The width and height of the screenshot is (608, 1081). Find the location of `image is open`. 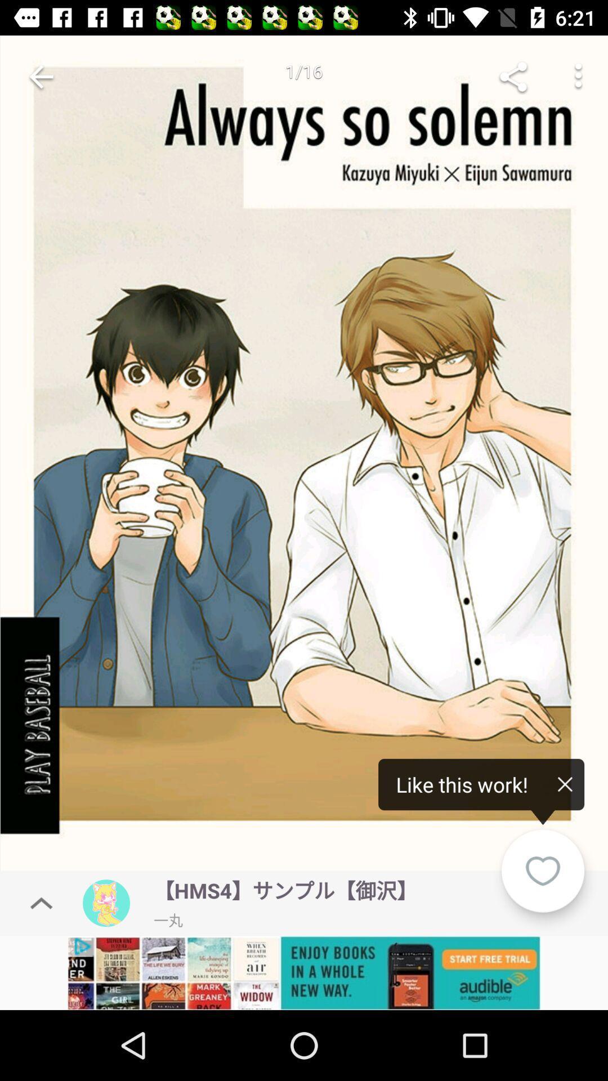

image is open is located at coordinates (304, 456).